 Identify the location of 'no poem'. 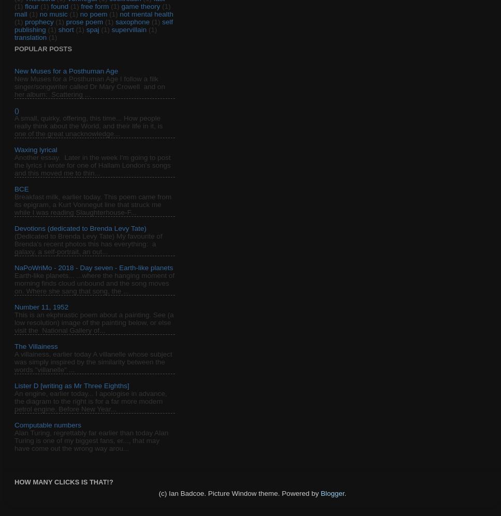
(93, 14).